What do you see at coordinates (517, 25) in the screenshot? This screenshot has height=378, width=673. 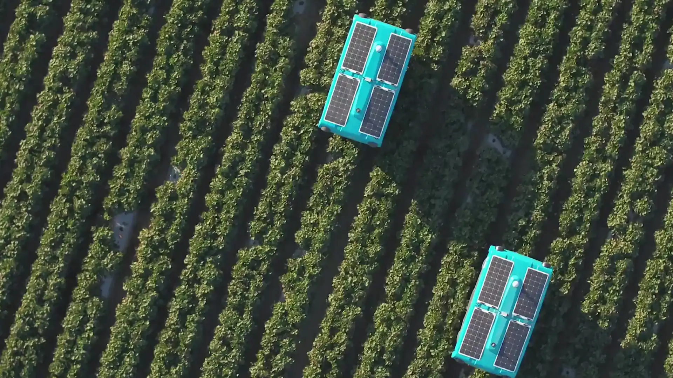 I see `Menu` at bounding box center [517, 25].